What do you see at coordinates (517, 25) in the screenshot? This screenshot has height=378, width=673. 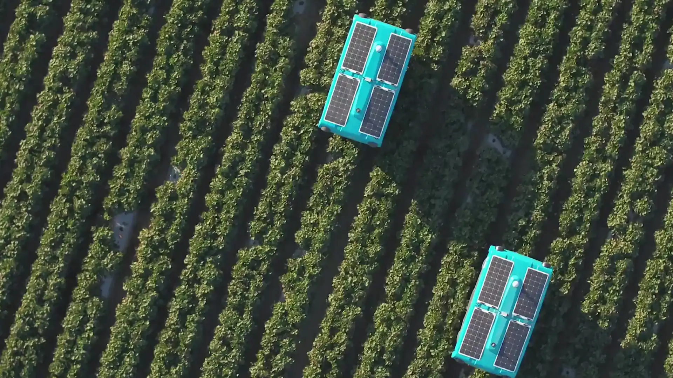 I see `Menu` at bounding box center [517, 25].